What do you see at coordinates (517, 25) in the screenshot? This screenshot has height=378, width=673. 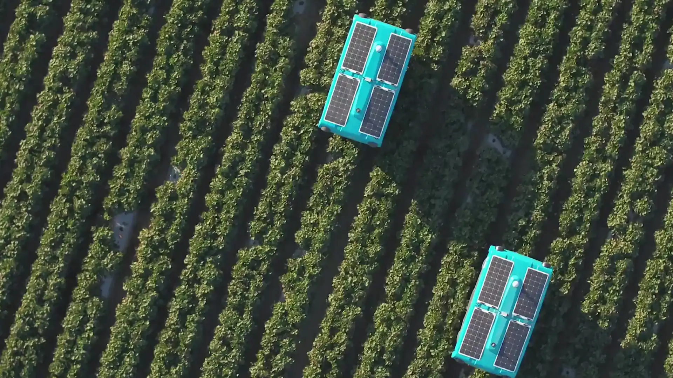 I see `Menu` at bounding box center [517, 25].